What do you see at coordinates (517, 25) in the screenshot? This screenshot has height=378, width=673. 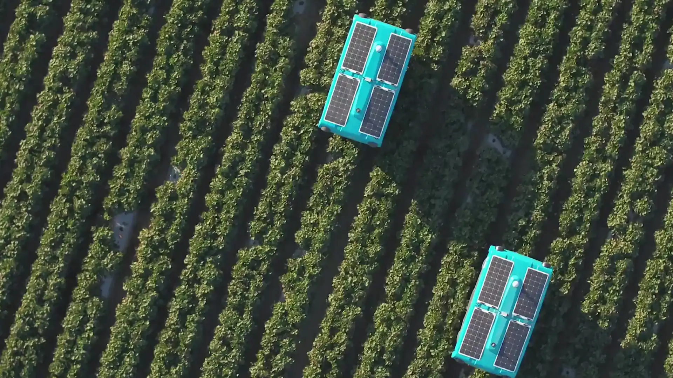 I see `Menu` at bounding box center [517, 25].